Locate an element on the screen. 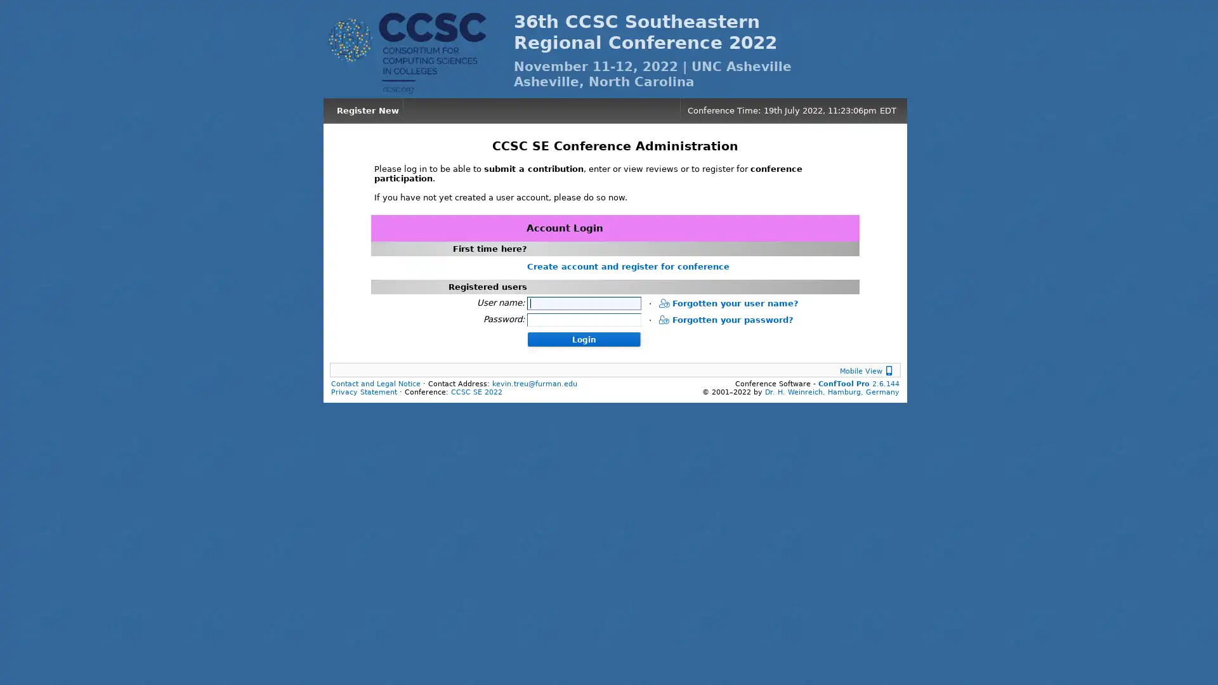 This screenshot has width=1218, height=685. Login is located at coordinates (583, 337).